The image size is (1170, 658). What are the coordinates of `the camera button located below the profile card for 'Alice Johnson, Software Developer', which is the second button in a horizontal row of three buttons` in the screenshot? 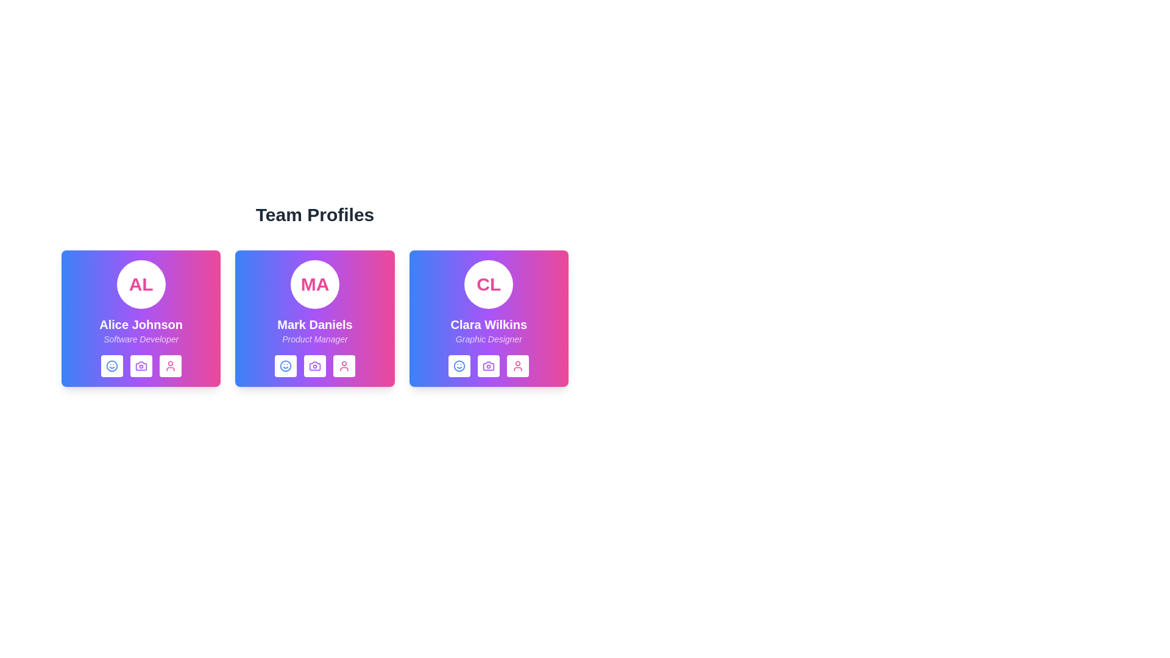 It's located at (141, 366).